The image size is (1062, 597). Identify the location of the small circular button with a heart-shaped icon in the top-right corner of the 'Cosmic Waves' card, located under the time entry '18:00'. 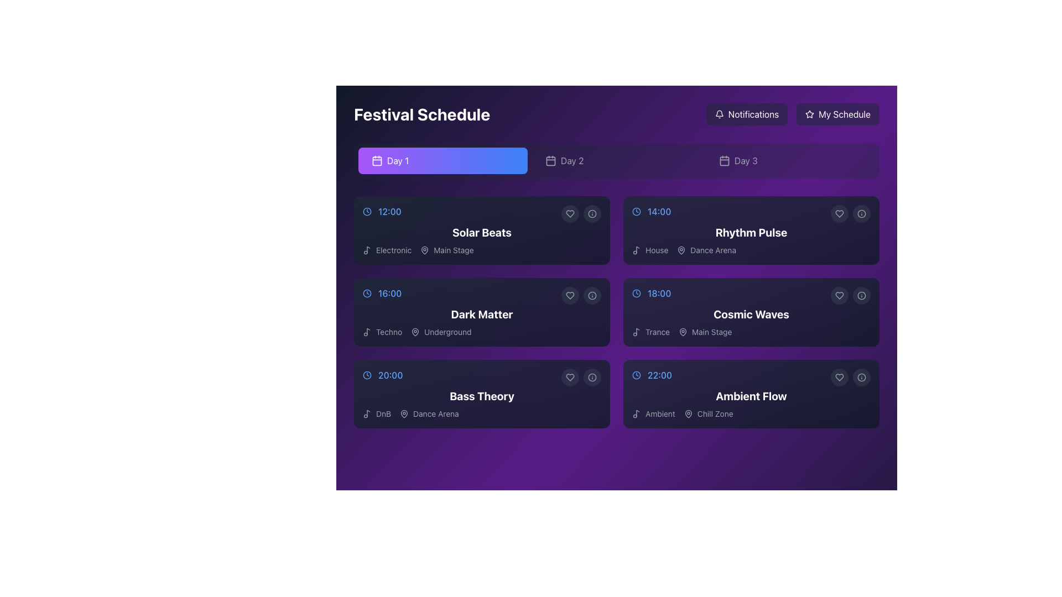
(839, 295).